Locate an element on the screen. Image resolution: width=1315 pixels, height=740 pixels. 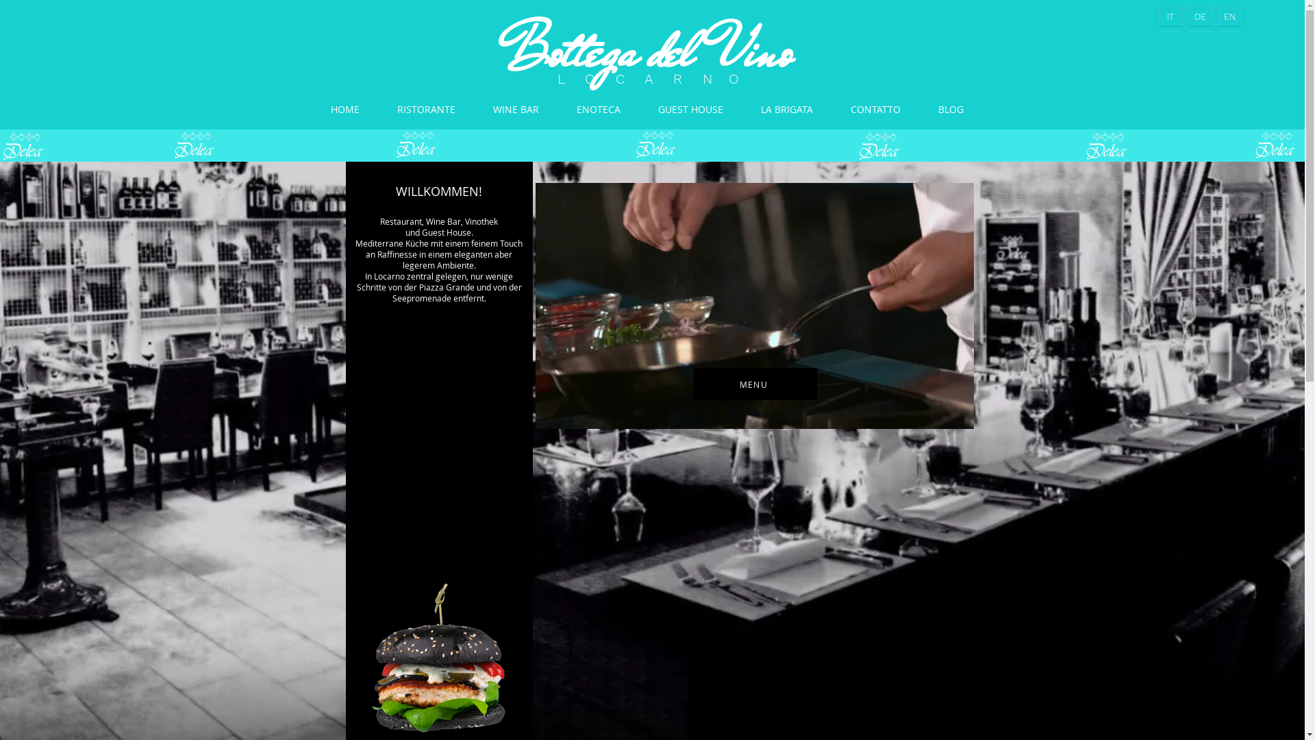
'WINE BAR' is located at coordinates (515, 108).